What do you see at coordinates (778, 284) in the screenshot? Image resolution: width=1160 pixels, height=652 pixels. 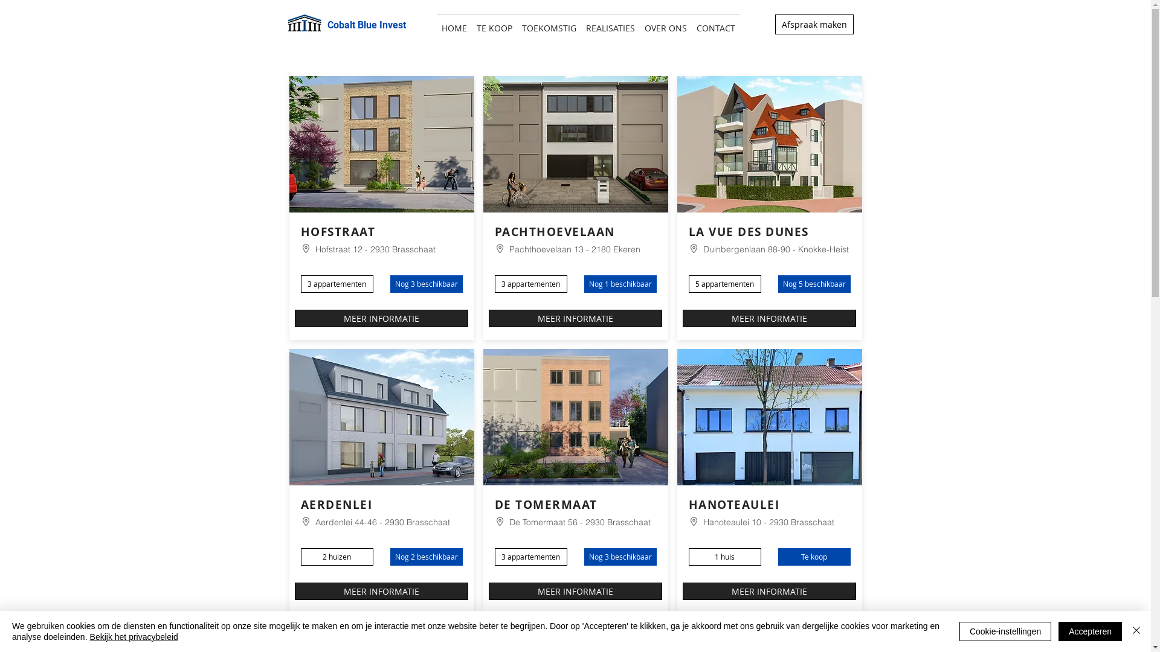 I see `'Nog 5 beschikbaar'` at bounding box center [778, 284].